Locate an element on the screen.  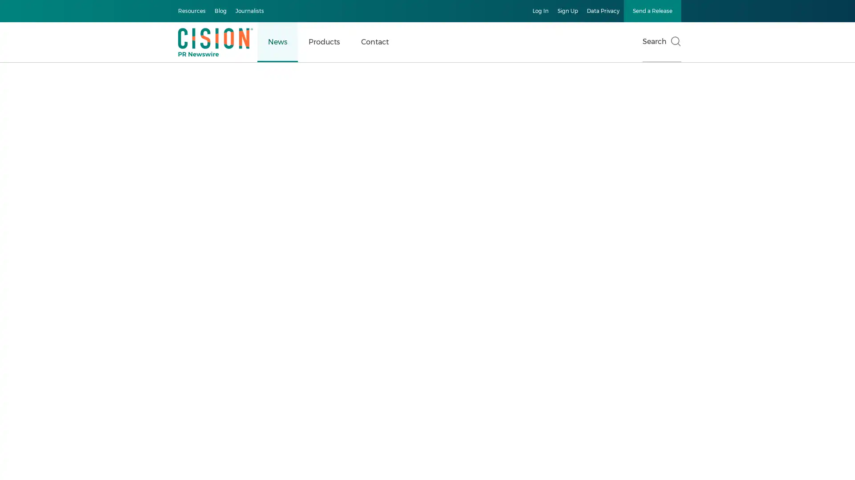
Search is located at coordinates (662, 42).